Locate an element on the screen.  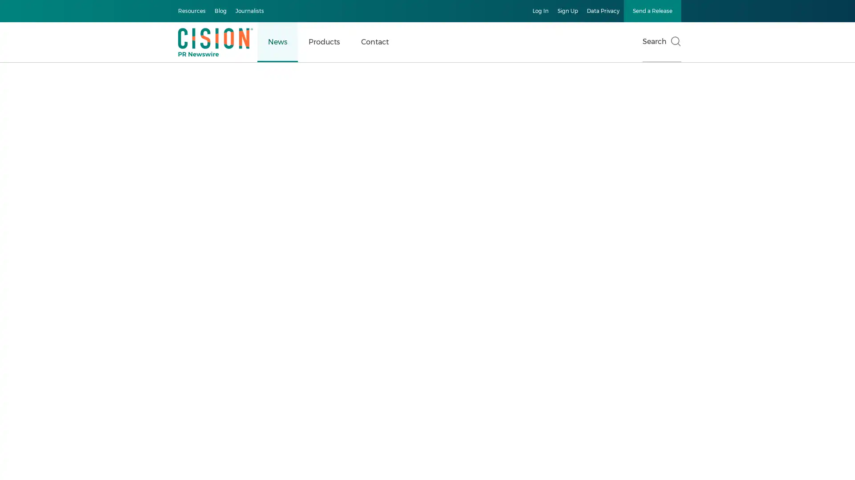
Search is located at coordinates (662, 42).